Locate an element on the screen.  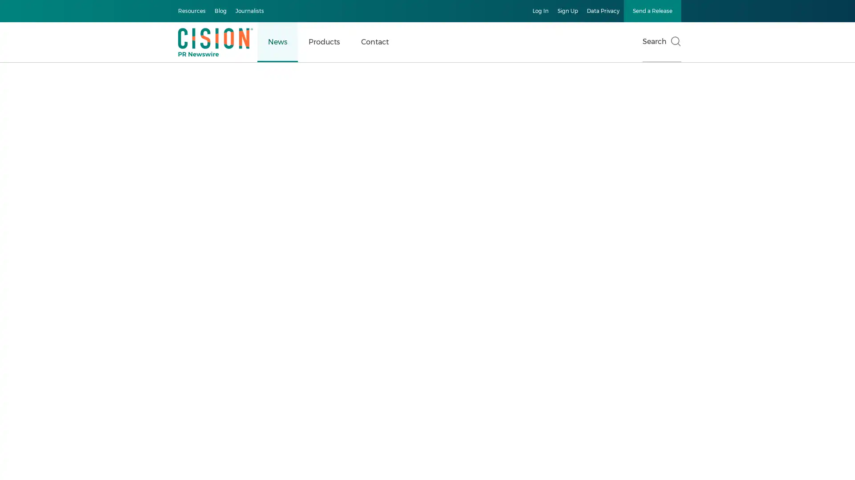
Search is located at coordinates (662, 42).